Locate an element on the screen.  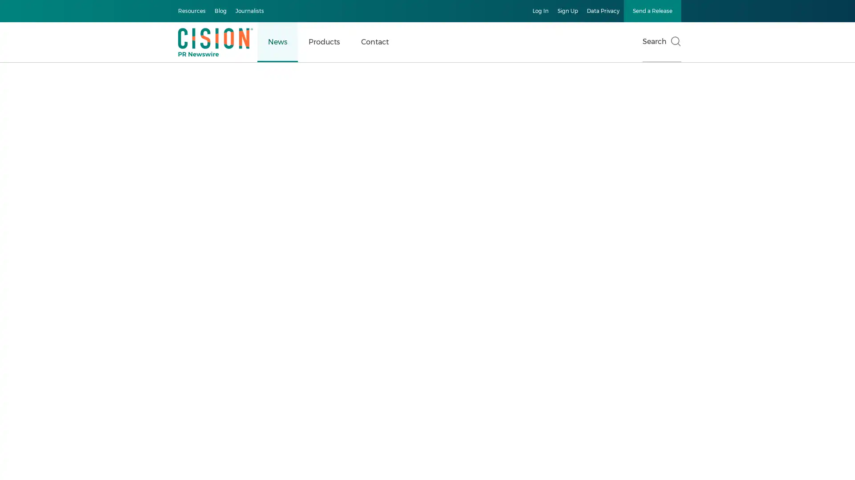
Search is located at coordinates (662, 42).